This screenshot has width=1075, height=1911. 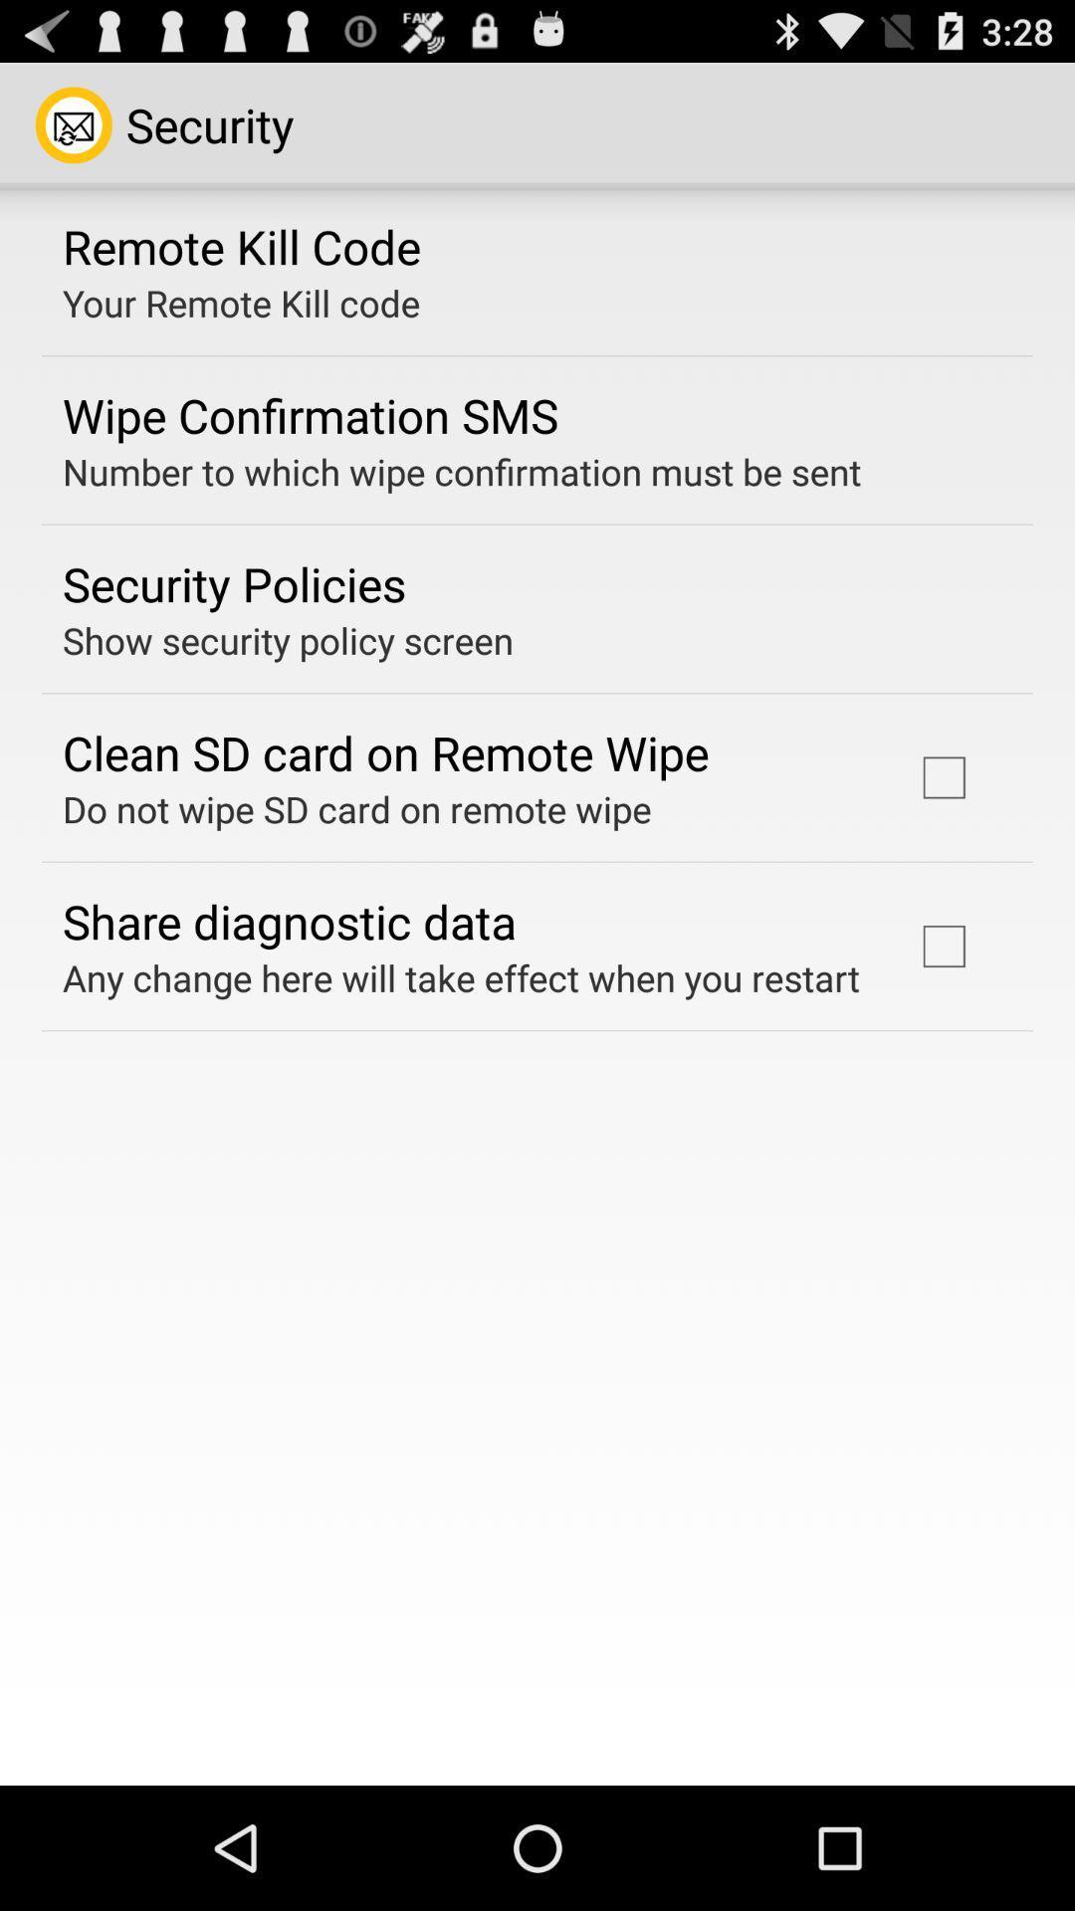 I want to click on the icon above the share diagnostic data, so click(x=355, y=808).